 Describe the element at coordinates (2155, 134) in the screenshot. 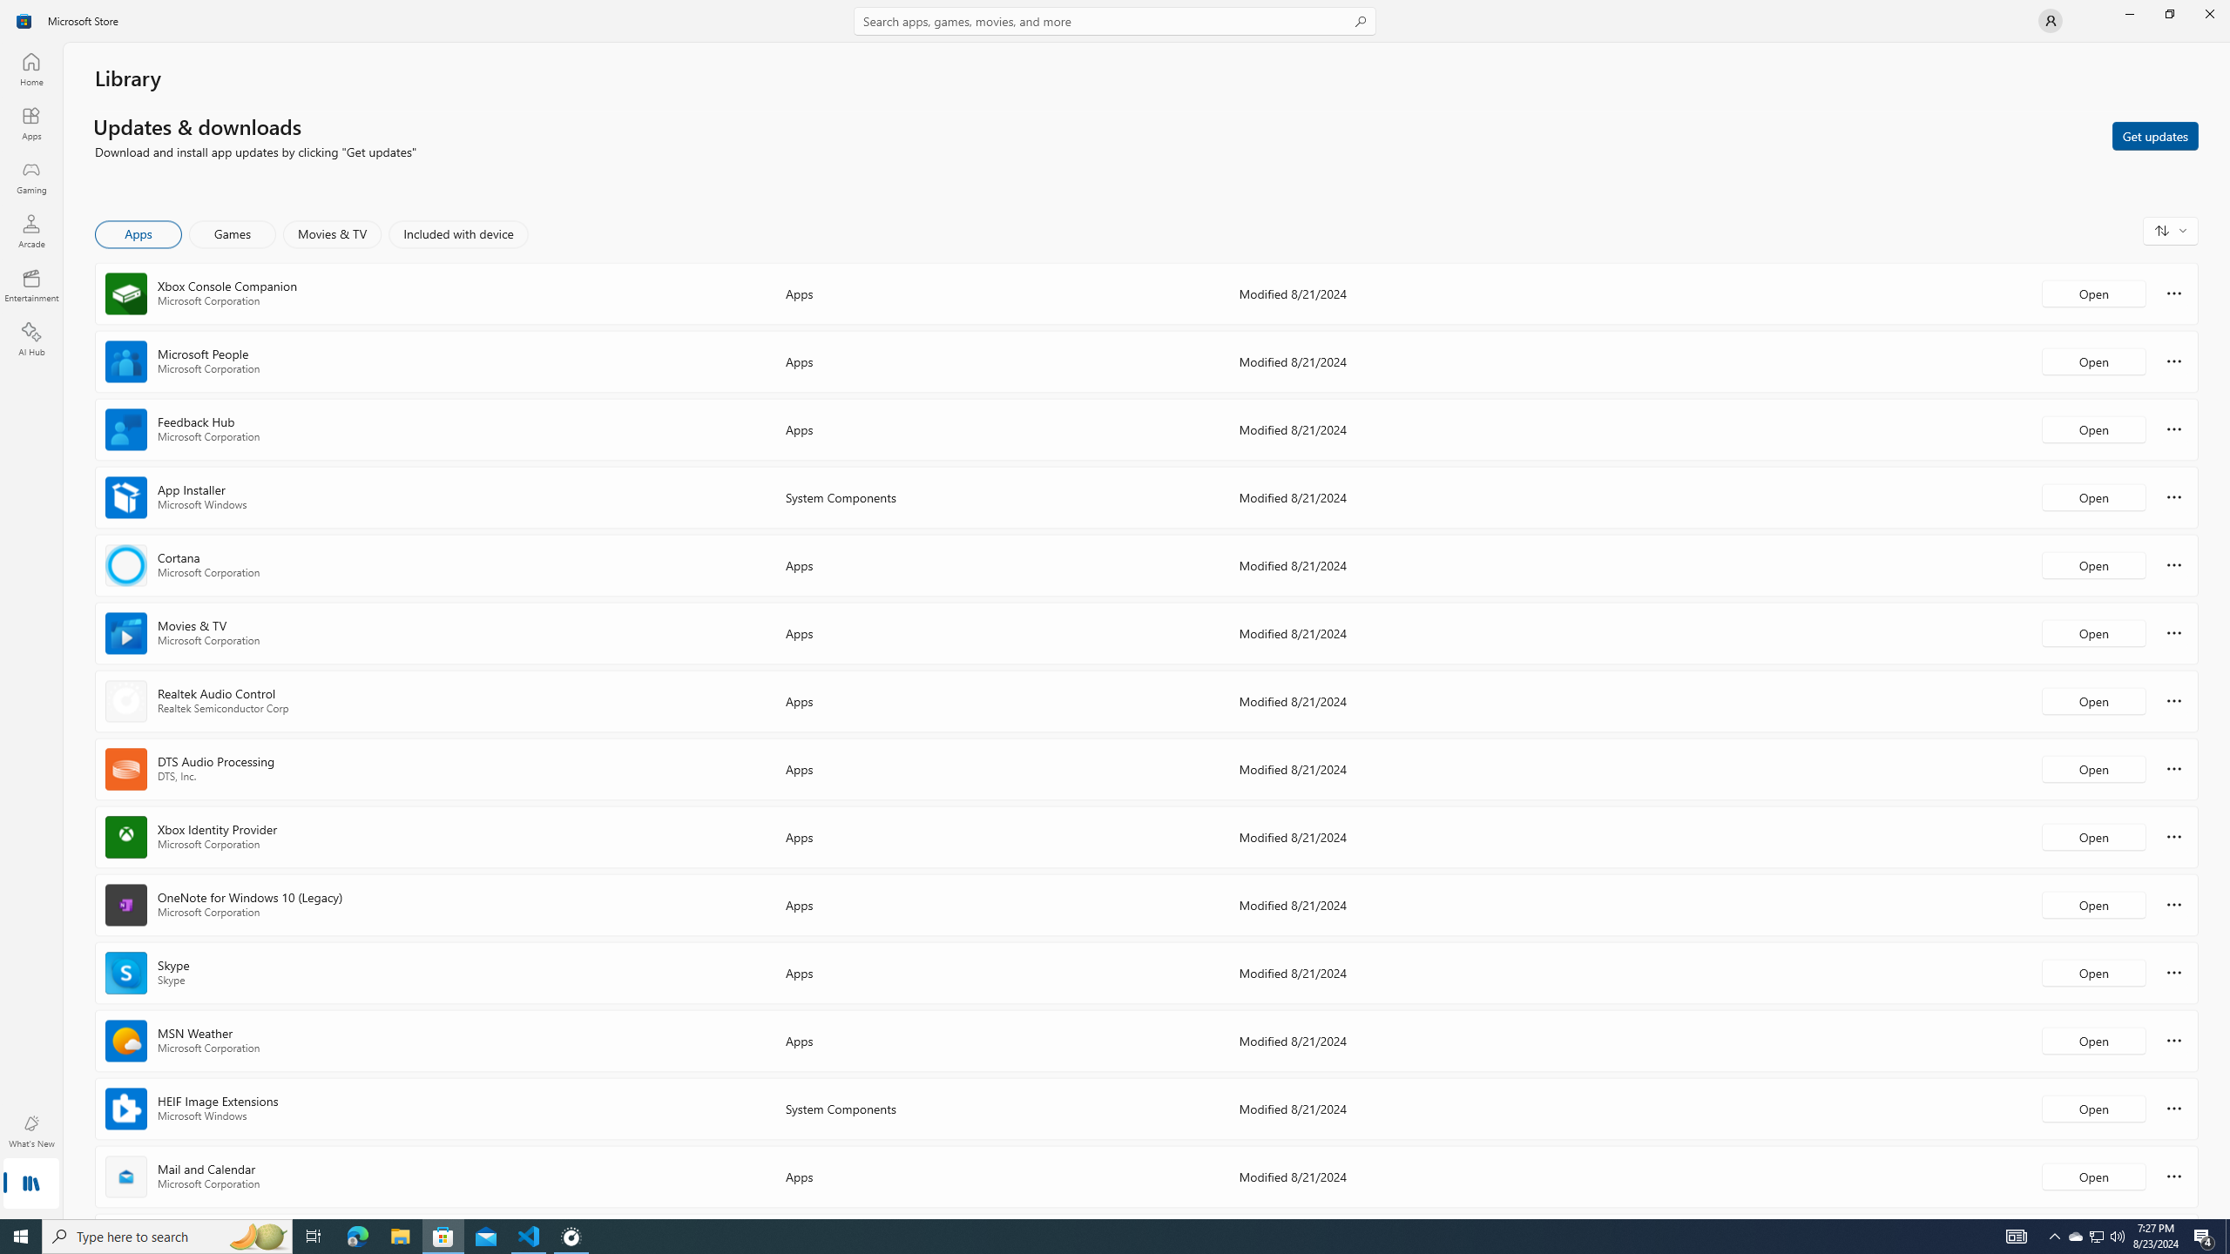

I see `'Get updates'` at that location.